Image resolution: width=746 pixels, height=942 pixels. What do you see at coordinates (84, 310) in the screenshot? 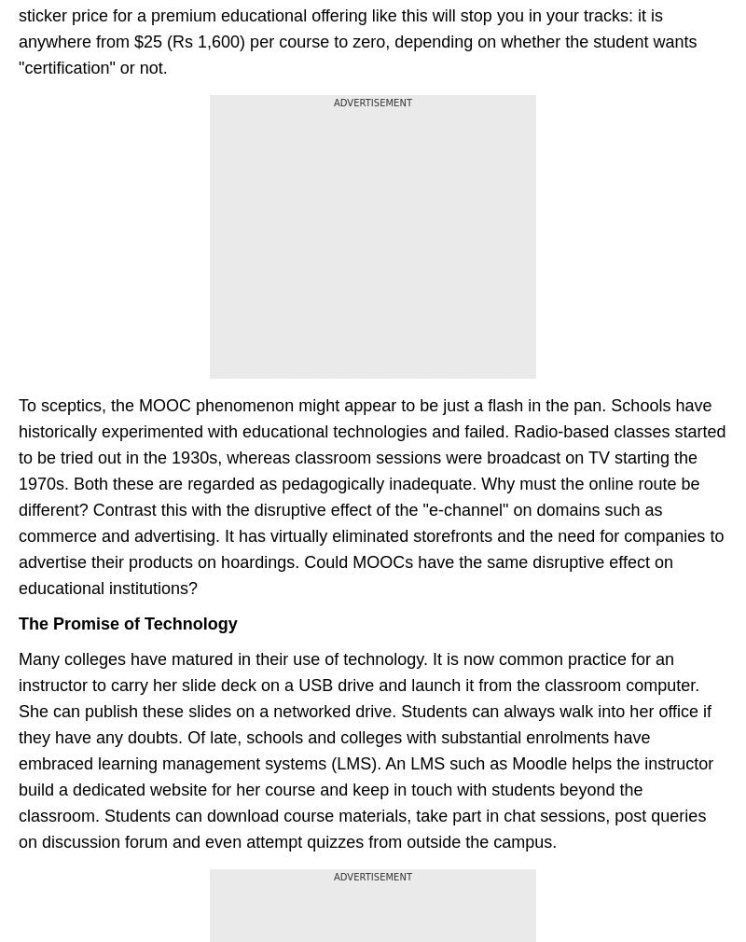
I see `'events'` at bounding box center [84, 310].